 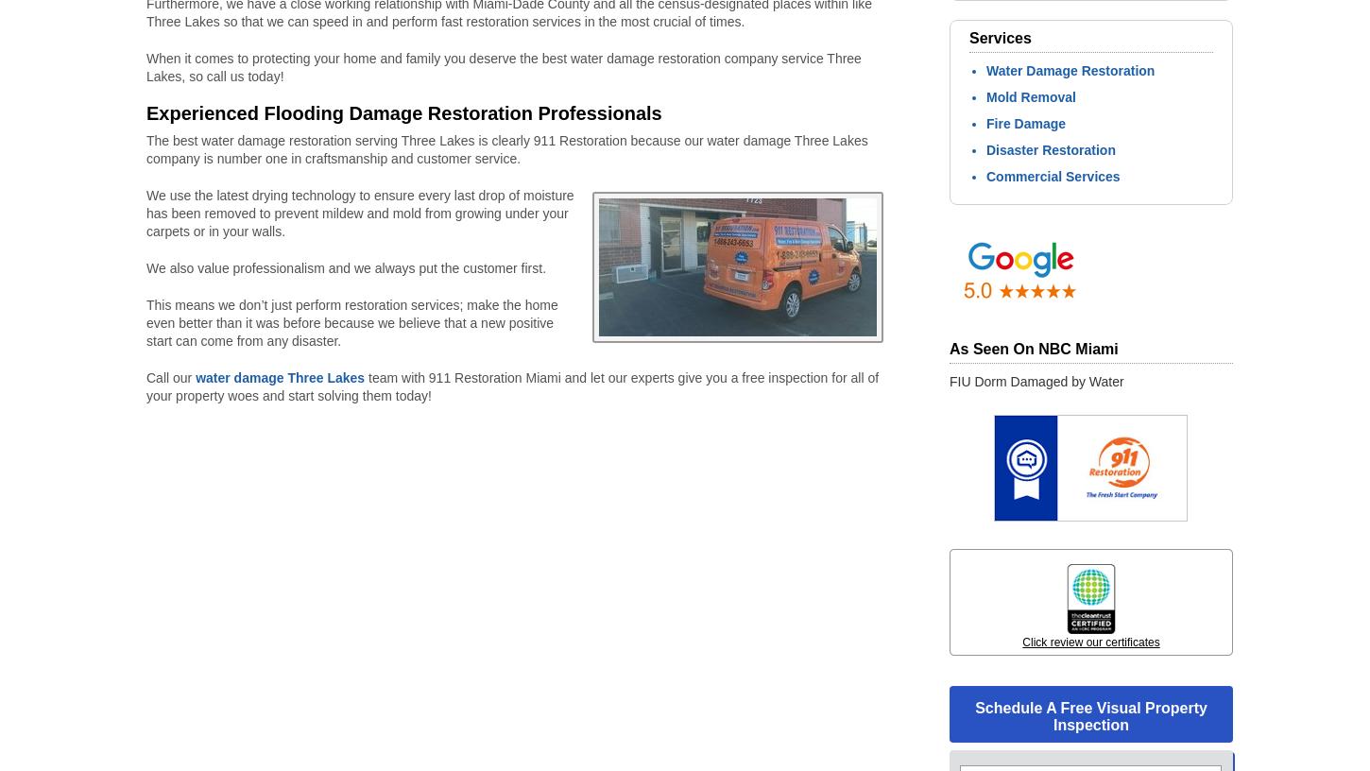 What do you see at coordinates (351, 322) in the screenshot?
I see `'This means we don’t just perform restoration services; make the home even better than it was before because we believe that a new positive start can come from any disaster.'` at bounding box center [351, 322].